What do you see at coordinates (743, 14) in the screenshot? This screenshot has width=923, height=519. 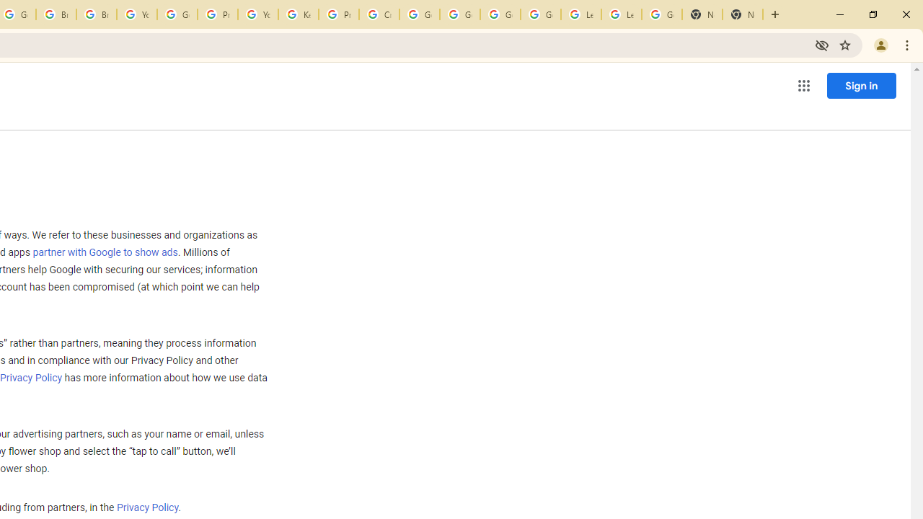 I see `'New Tab'` at bounding box center [743, 14].